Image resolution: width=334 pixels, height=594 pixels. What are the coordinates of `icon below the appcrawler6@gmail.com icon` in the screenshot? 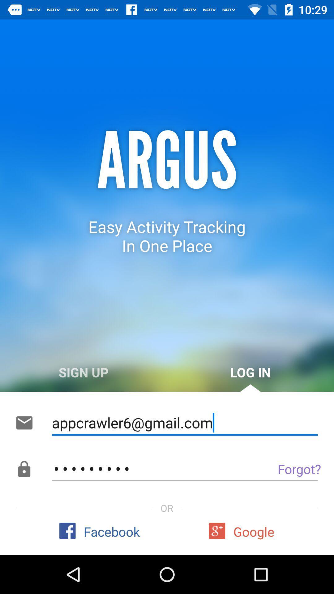 It's located at (285, 469).